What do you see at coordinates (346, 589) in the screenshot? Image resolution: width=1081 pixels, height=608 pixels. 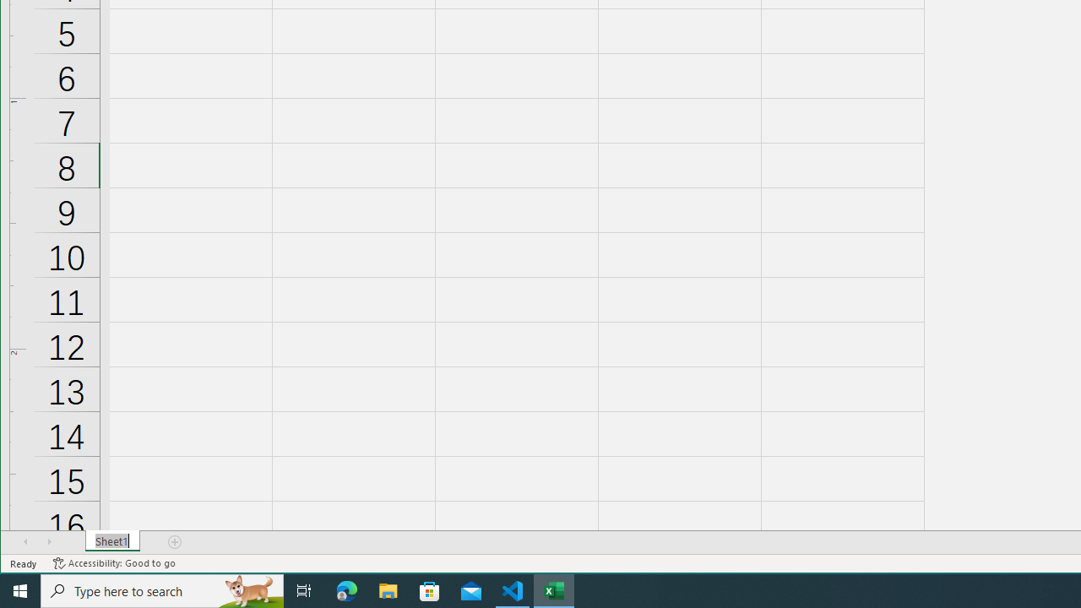 I see `'Microsoft Edge'` at bounding box center [346, 589].